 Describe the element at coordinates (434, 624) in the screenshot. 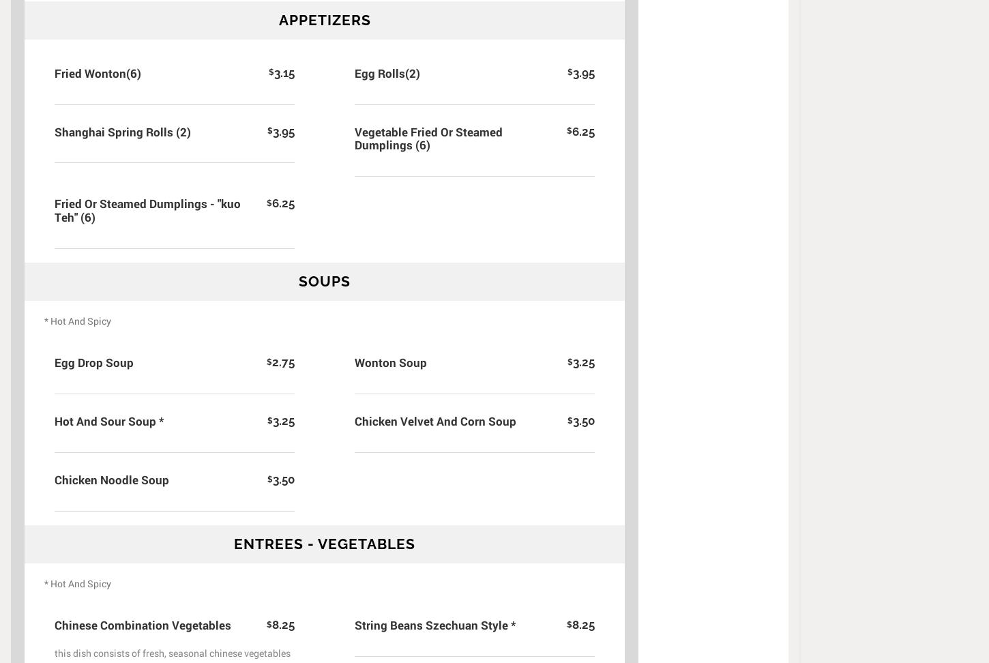

I see `'String Beans Szechuan Style *'` at that location.